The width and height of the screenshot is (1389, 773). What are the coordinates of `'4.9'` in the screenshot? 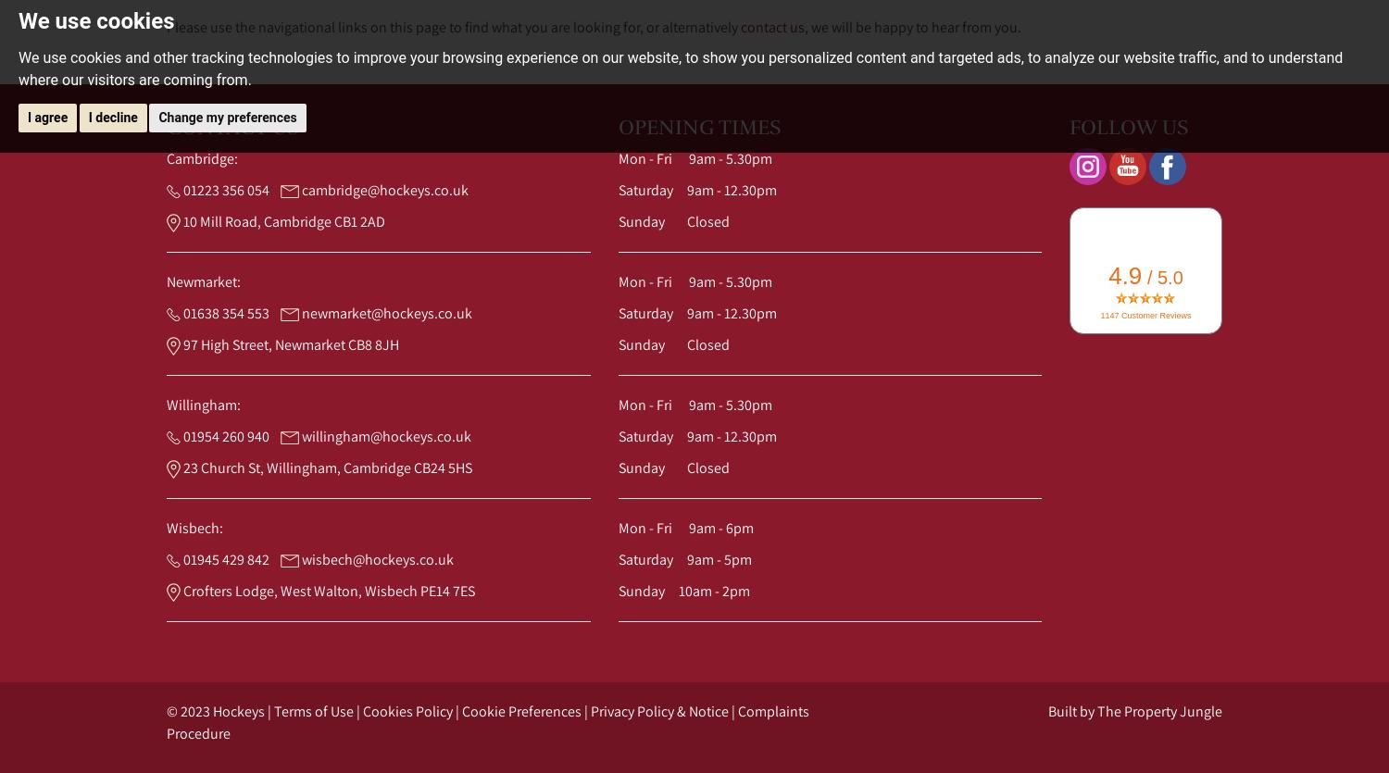 It's located at (1124, 275).